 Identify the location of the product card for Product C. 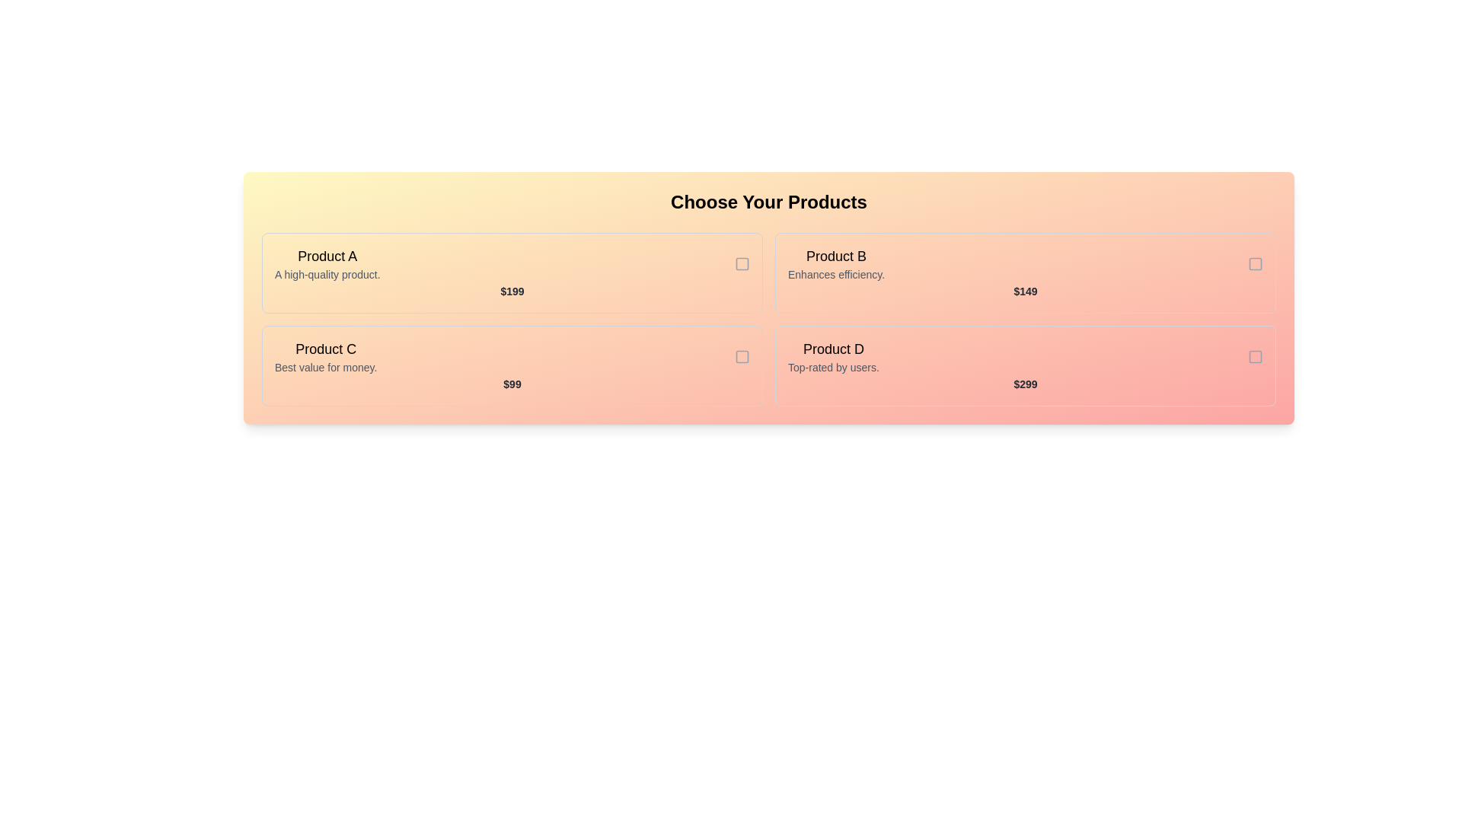
(512, 366).